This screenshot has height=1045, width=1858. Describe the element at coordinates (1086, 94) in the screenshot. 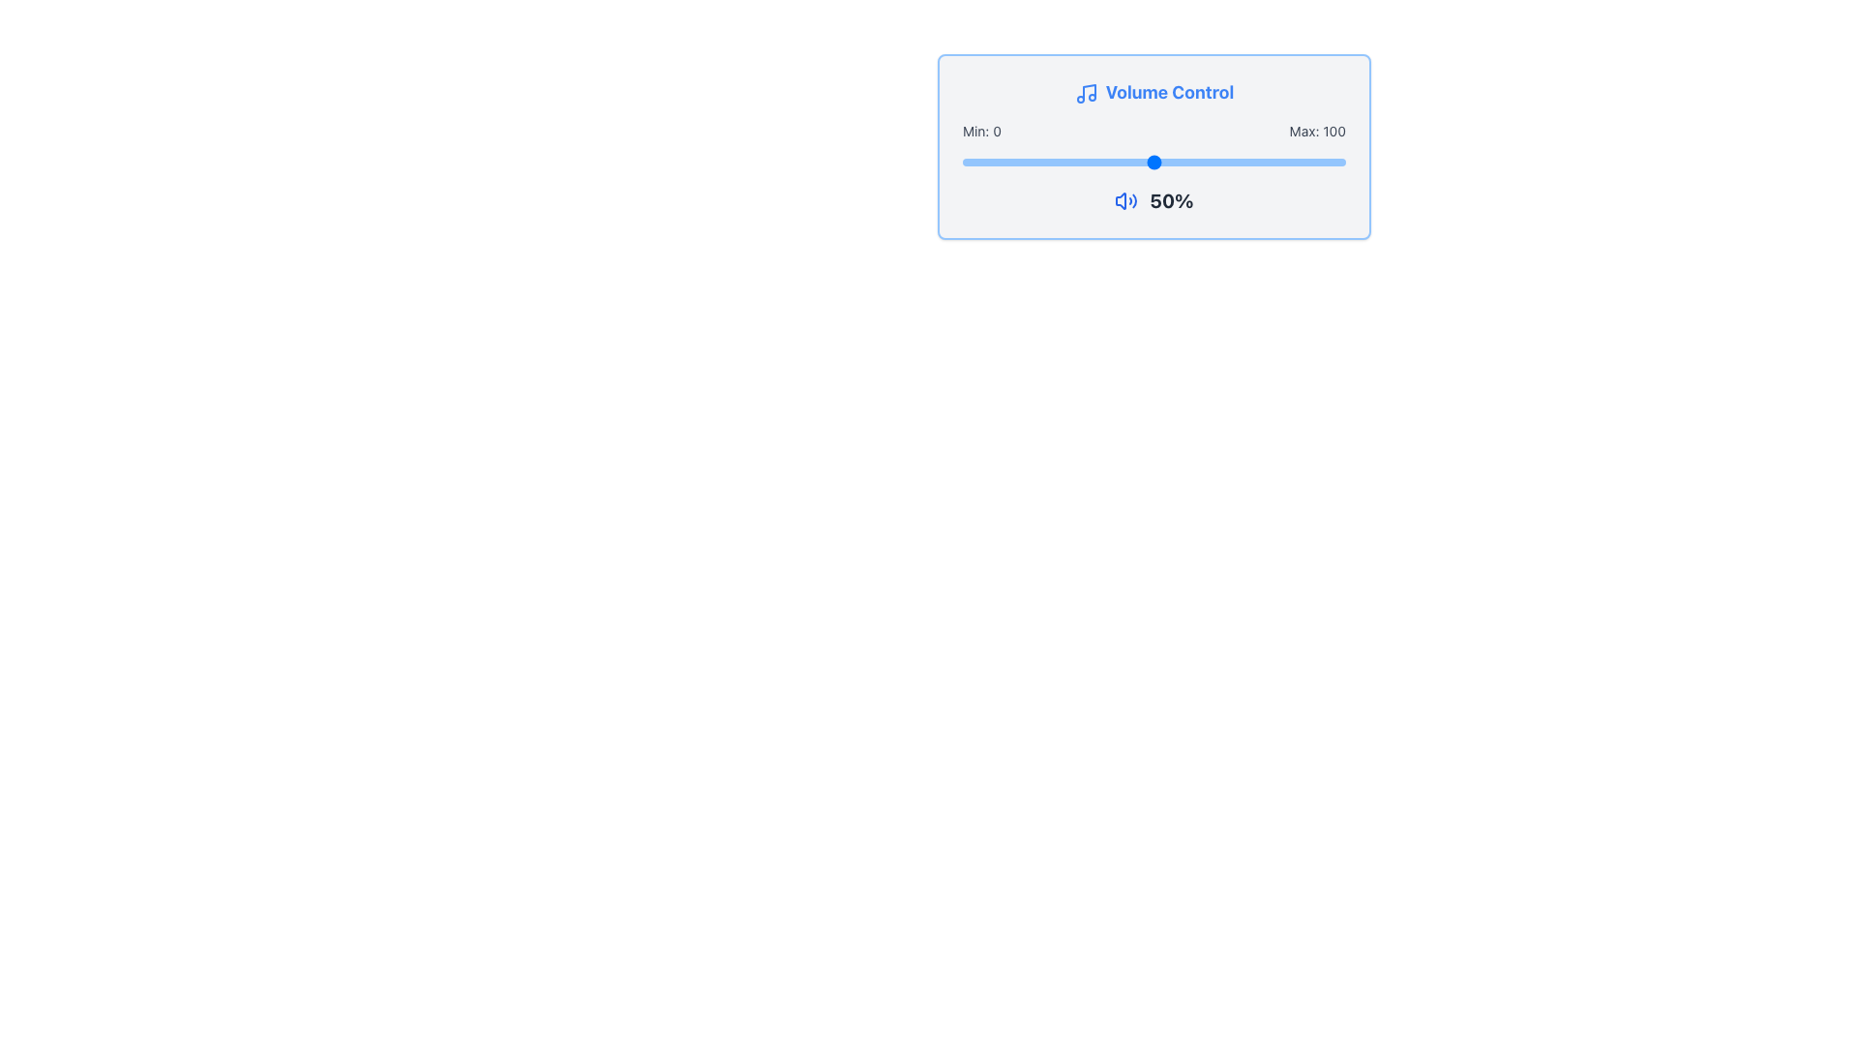

I see `the music or sound icon located to the left of the 'Volume Control' text in the top section of the volume control component` at that location.